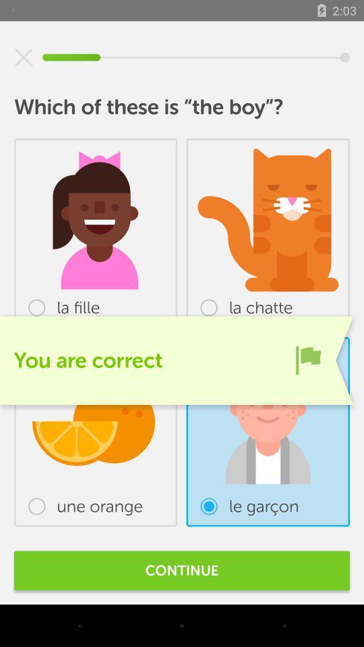  I want to click on continue, so click(182, 569).